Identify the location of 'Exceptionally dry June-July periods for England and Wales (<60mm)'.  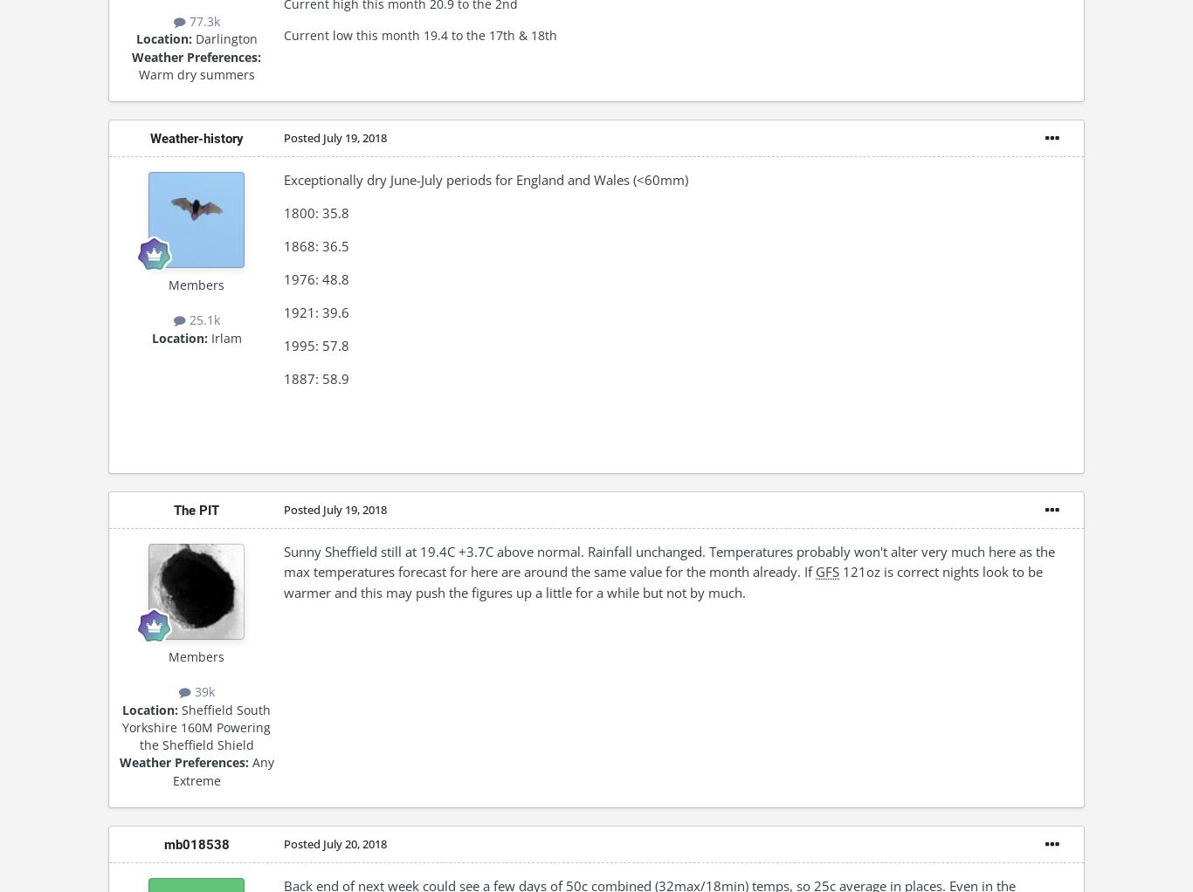
(486, 180).